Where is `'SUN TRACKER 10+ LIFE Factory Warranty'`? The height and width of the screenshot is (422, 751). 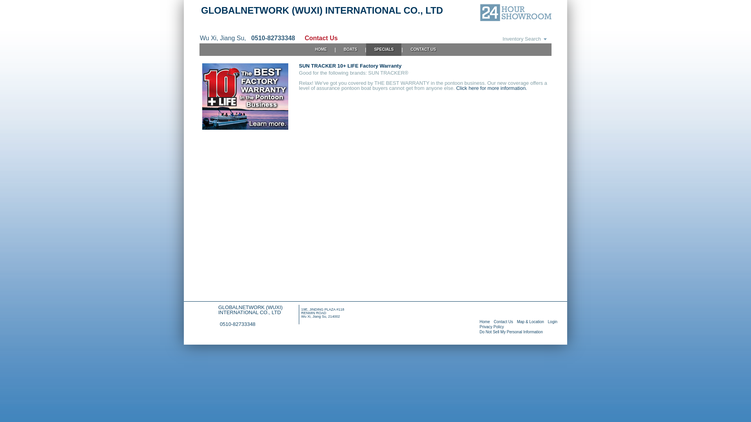 'SUN TRACKER 10+ LIFE Factory Warranty' is located at coordinates (245, 127).